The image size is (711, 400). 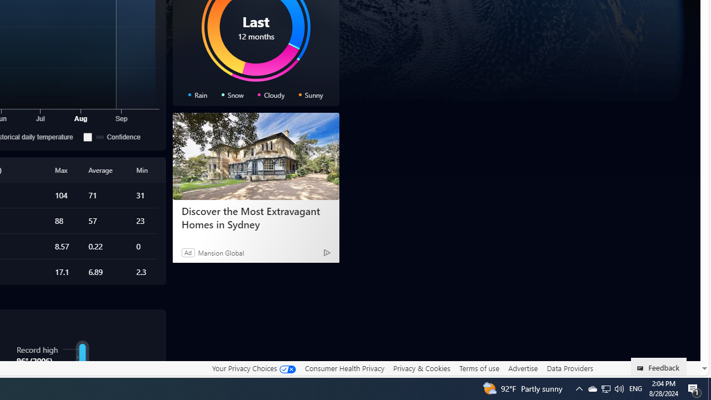 What do you see at coordinates (659, 366) in the screenshot?
I see `'Feedback'` at bounding box center [659, 366].